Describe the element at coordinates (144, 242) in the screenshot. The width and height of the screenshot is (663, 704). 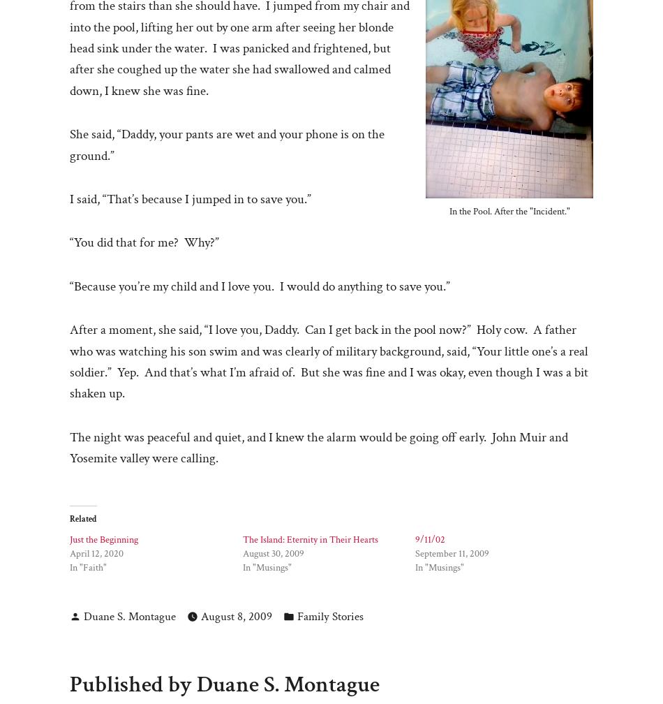
I see `'“You did that for me?  Why?”'` at that location.